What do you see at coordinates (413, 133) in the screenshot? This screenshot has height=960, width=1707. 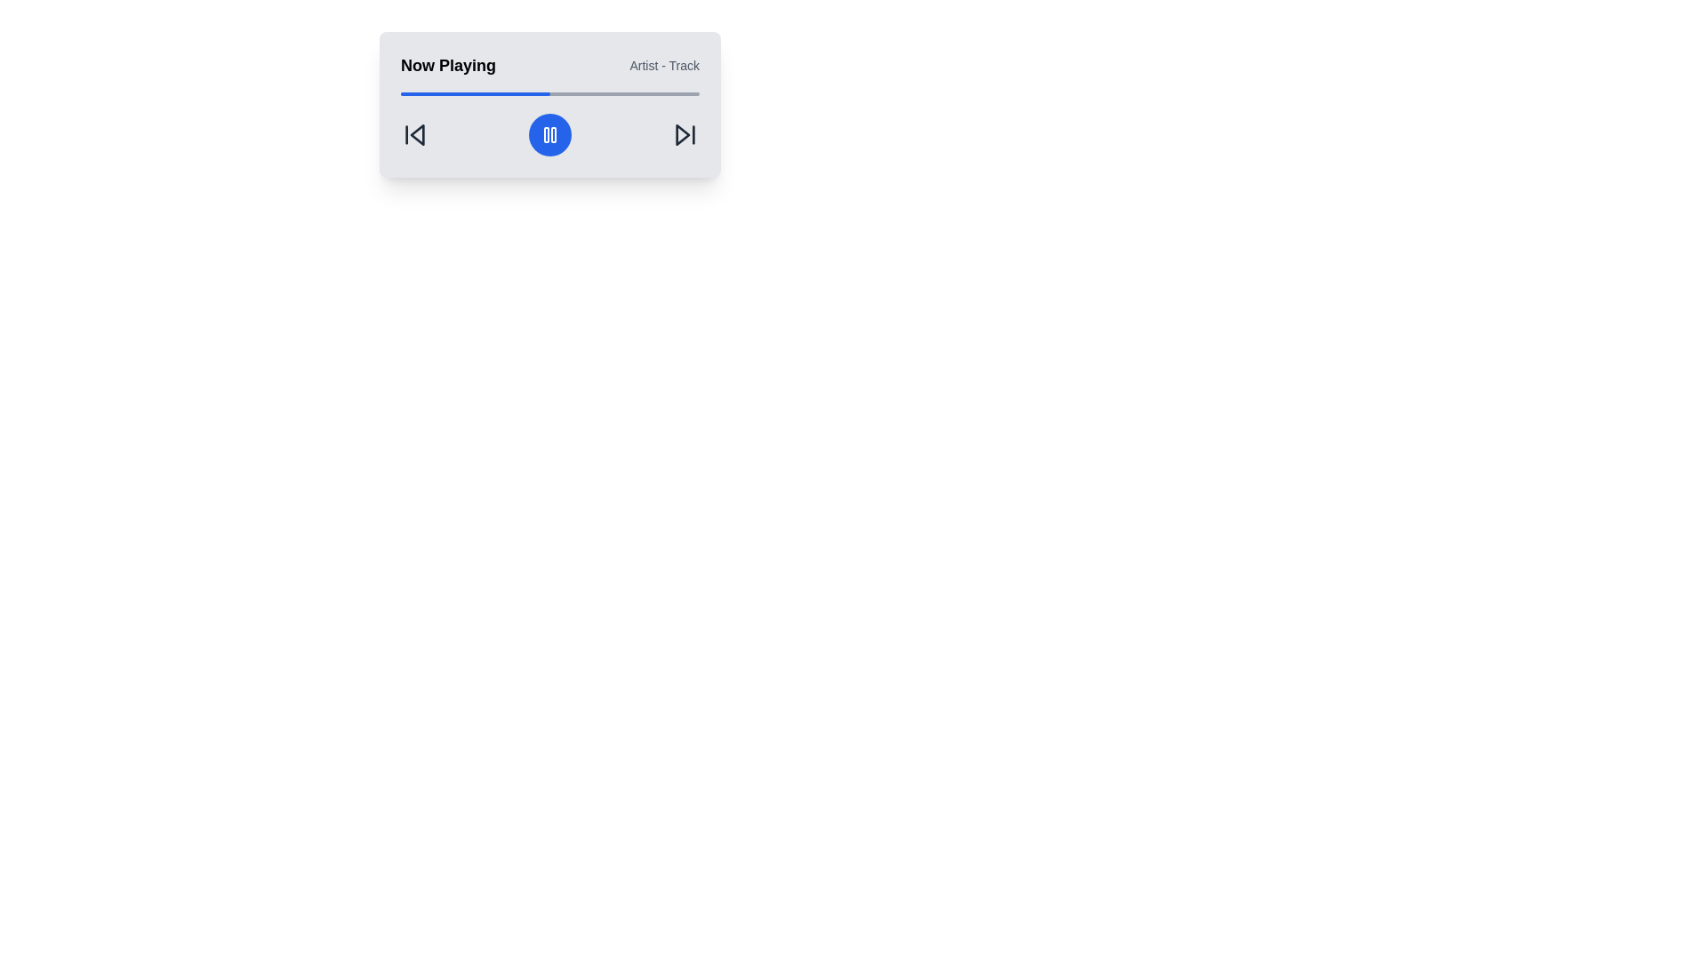 I see `the 'skip backward' button located in the media control section at the bottom center of the layout` at bounding box center [413, 133].